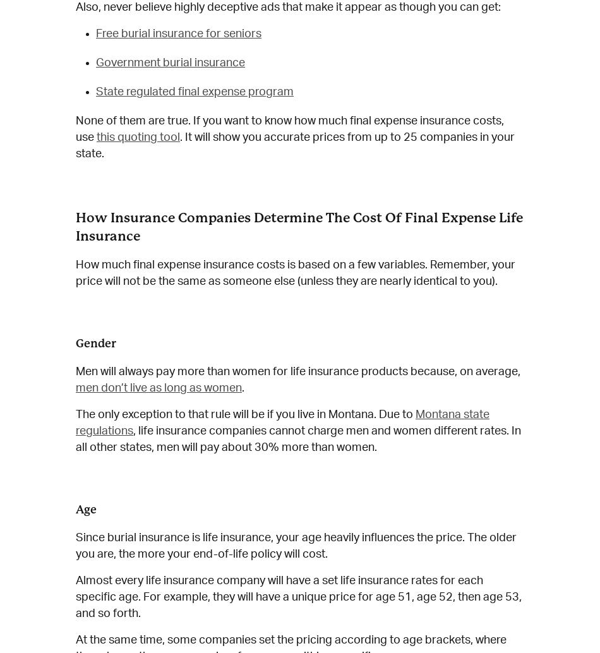 This screenshot has height=653, width=600. What do you see at coordinates (75, 371) in the screenshot?
I see `'Men will always pay more than women for life insurance products because, on average,'` at bounding box center [75, 371].